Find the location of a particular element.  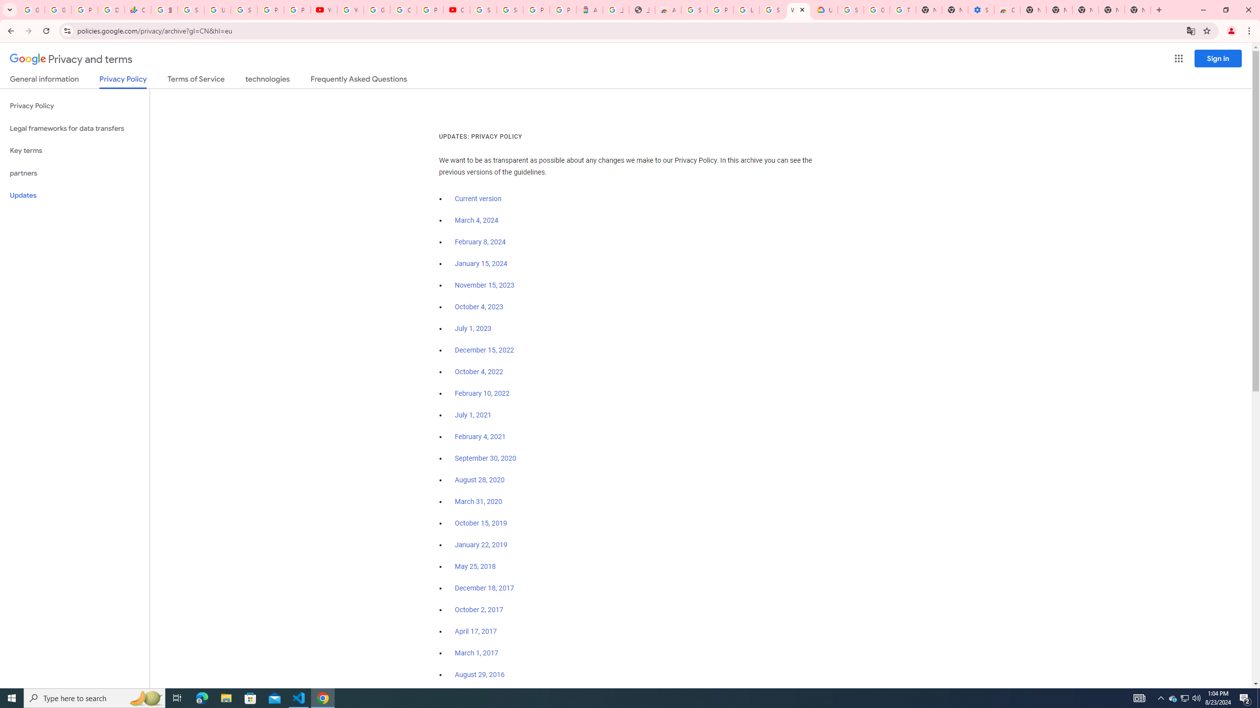

'August 29, 2016' is located at coordinates (479, 674).